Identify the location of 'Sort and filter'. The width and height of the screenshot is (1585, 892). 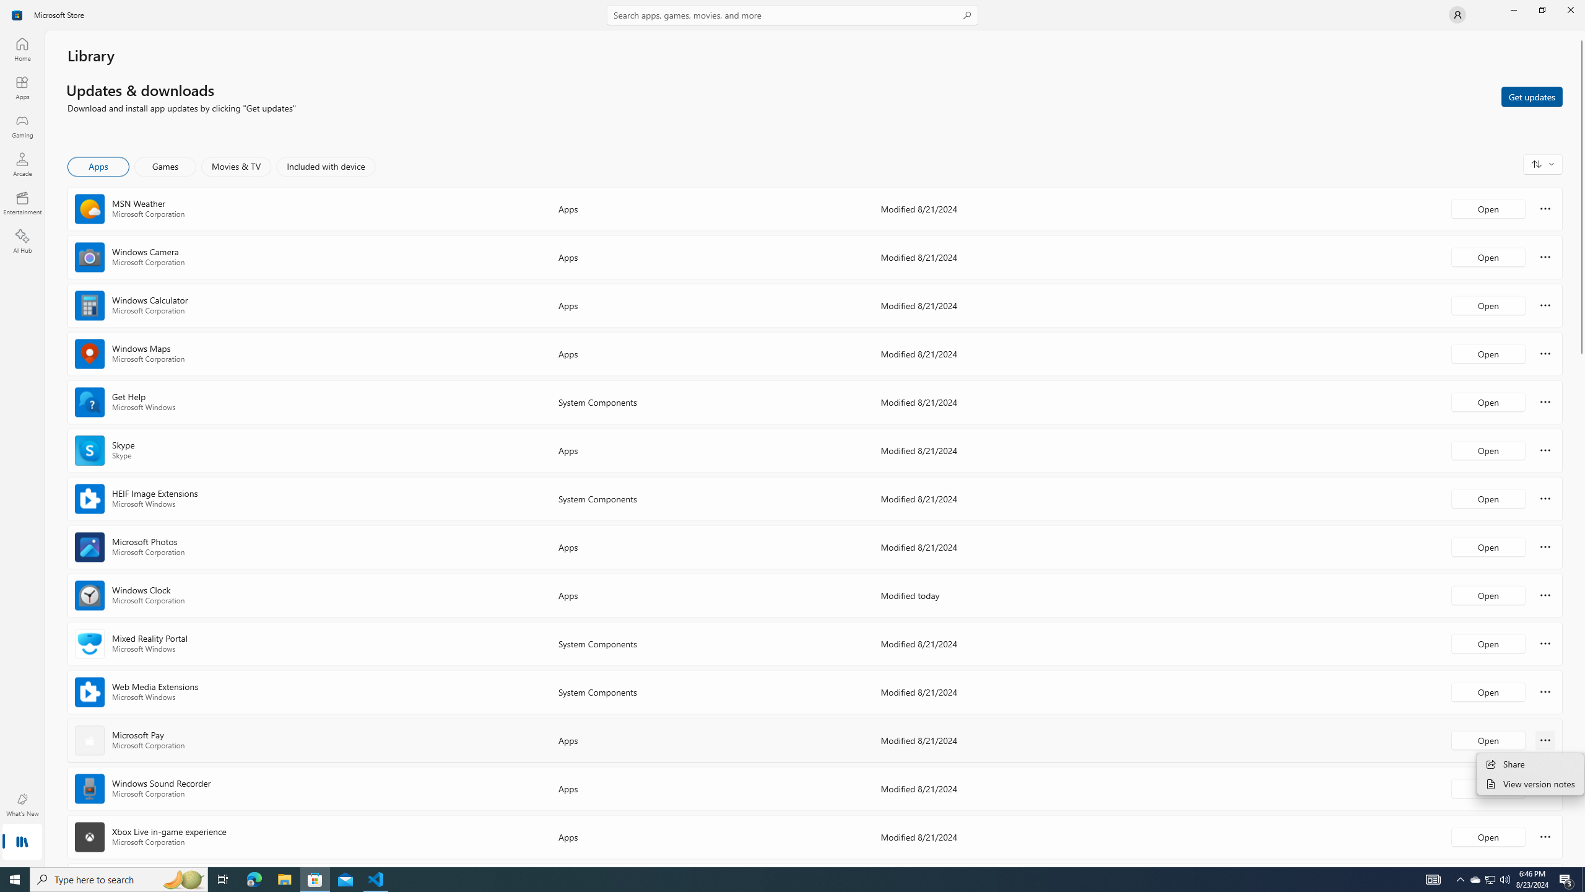
(1542, 164).